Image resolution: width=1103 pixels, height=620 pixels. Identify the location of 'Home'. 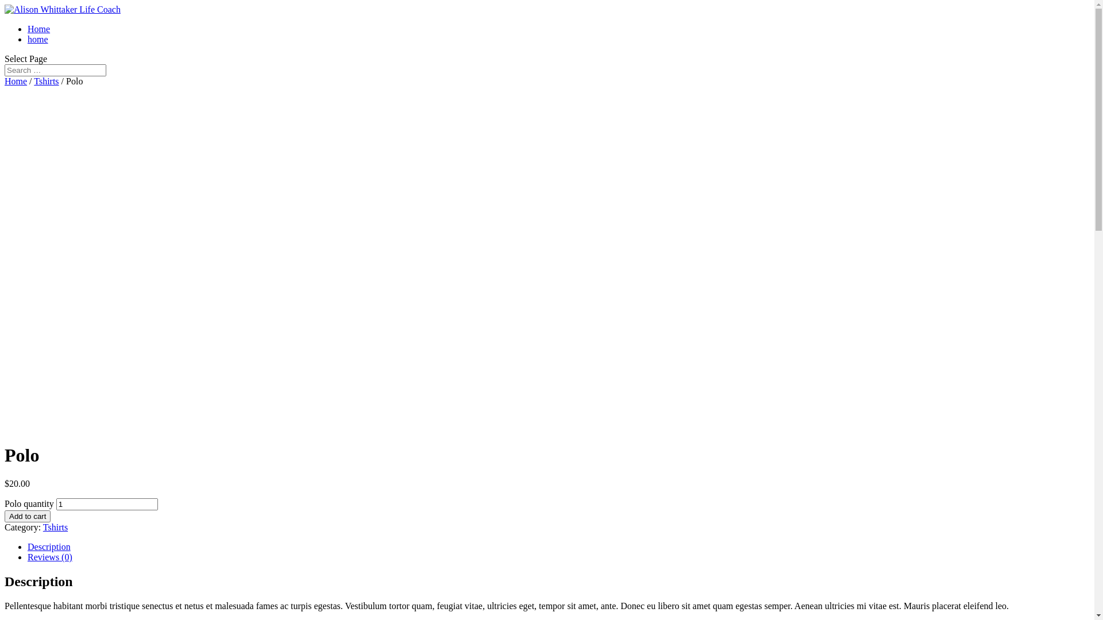
(38, 28).